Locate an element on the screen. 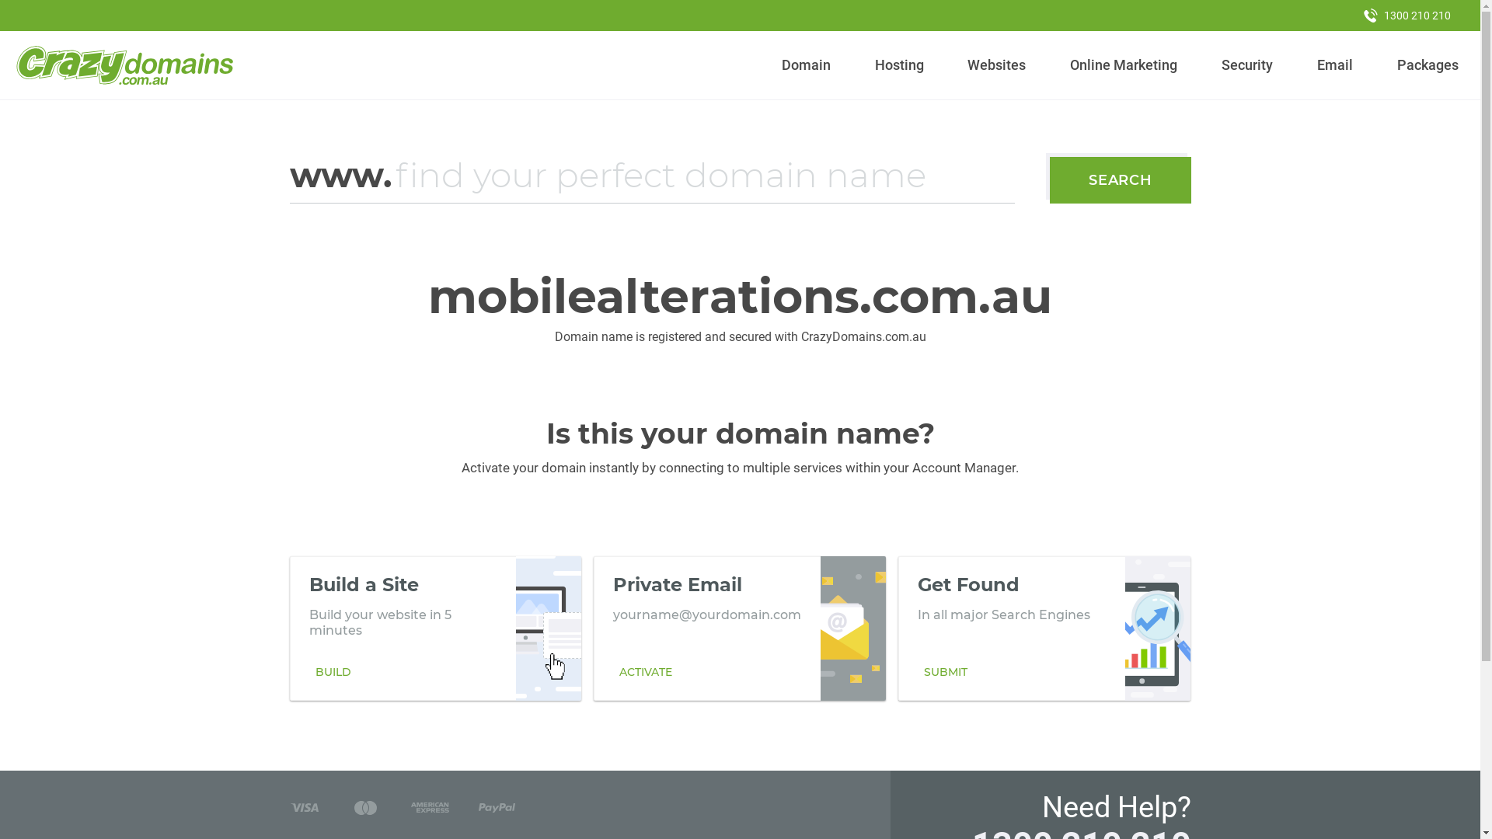 This screenshot has height=839, width=1492. 'Packages' is located at coordinates (1428, 64).